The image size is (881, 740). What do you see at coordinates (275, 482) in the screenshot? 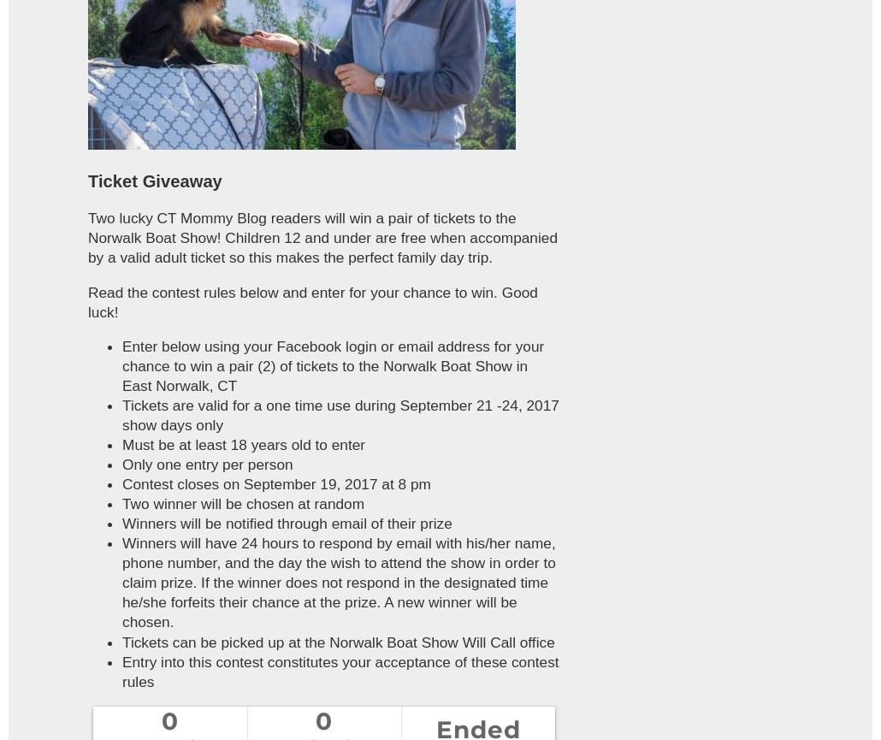
I see `'Contest closes on September 19, 2017 at 8 pm'` at bounding box center [275, 482].